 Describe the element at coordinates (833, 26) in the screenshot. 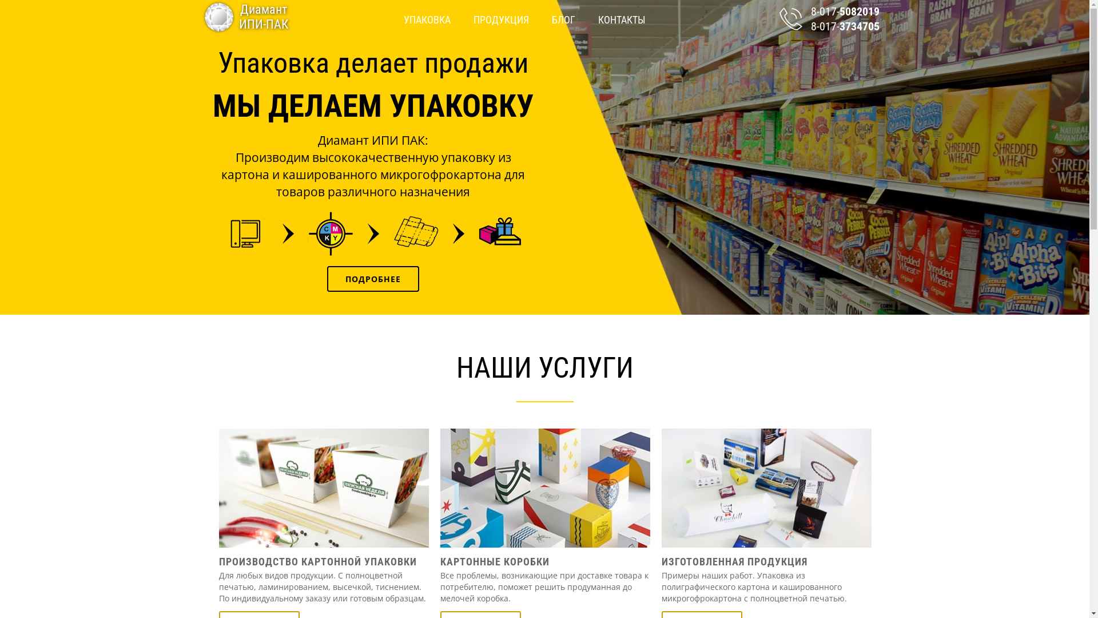

I see `'8-017-3734705'` at that location.